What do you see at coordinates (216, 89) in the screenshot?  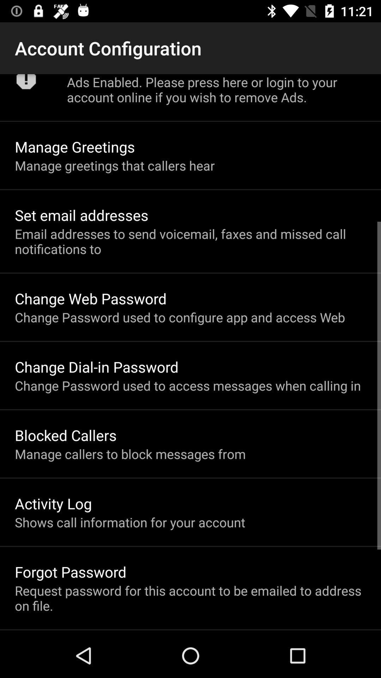 I see `ads enabled please icon` at bounding box center [216, 89].